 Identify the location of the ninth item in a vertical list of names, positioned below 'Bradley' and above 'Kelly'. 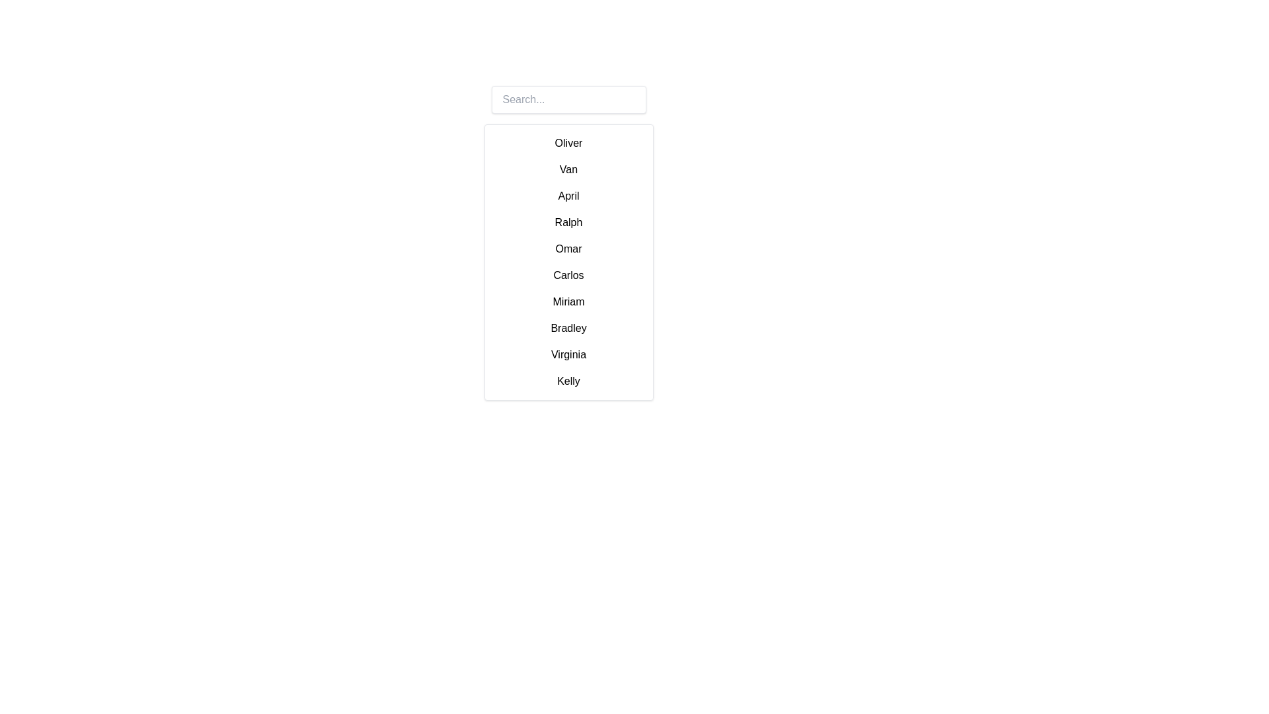
(568, 354).